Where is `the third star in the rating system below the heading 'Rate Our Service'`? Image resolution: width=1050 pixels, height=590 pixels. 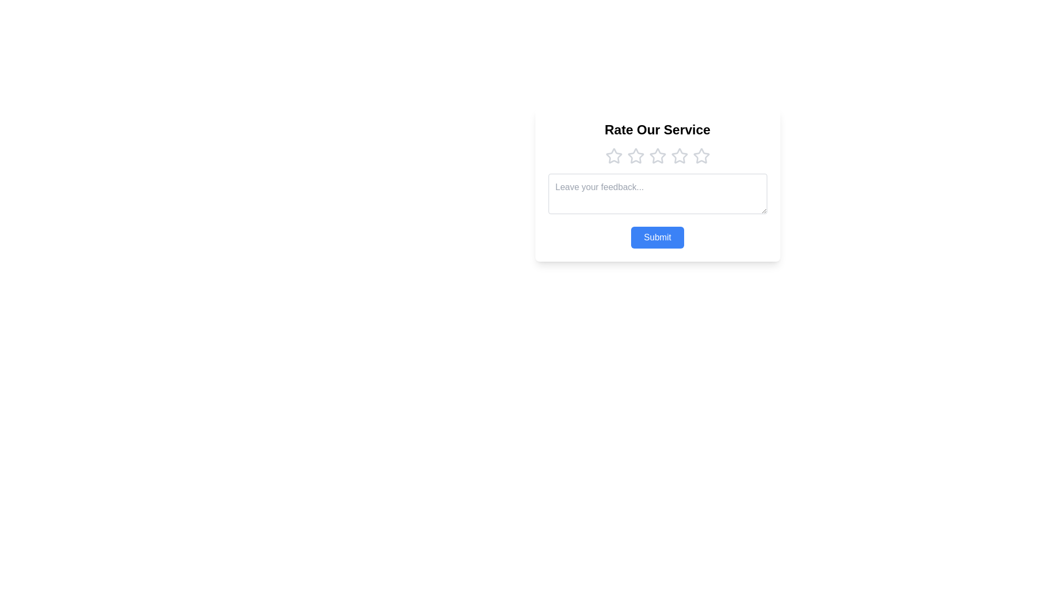 the third star in the rating system below the heading 'Rate Our Service' is located at coordinates (635, 156).